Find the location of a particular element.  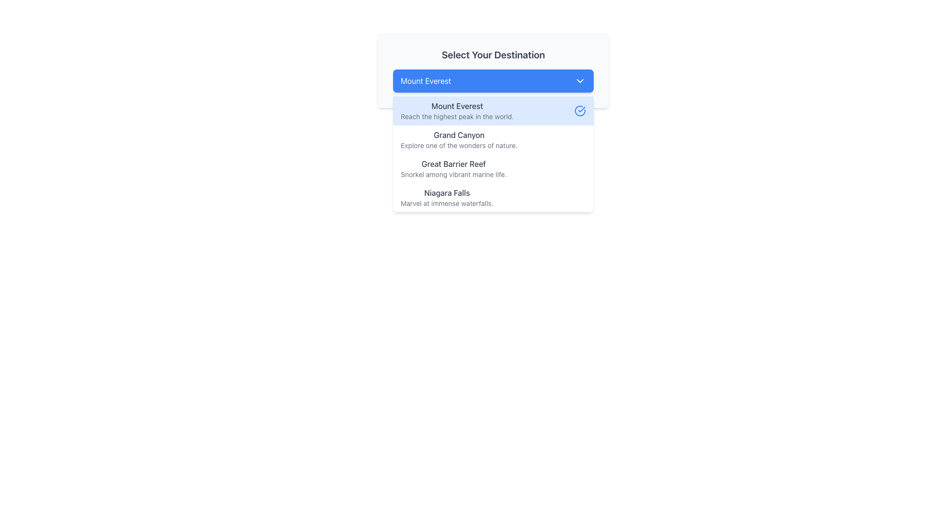

the list item in the dropdown menu titled 'Grand Canyon' is located at coordinates (493, 139).